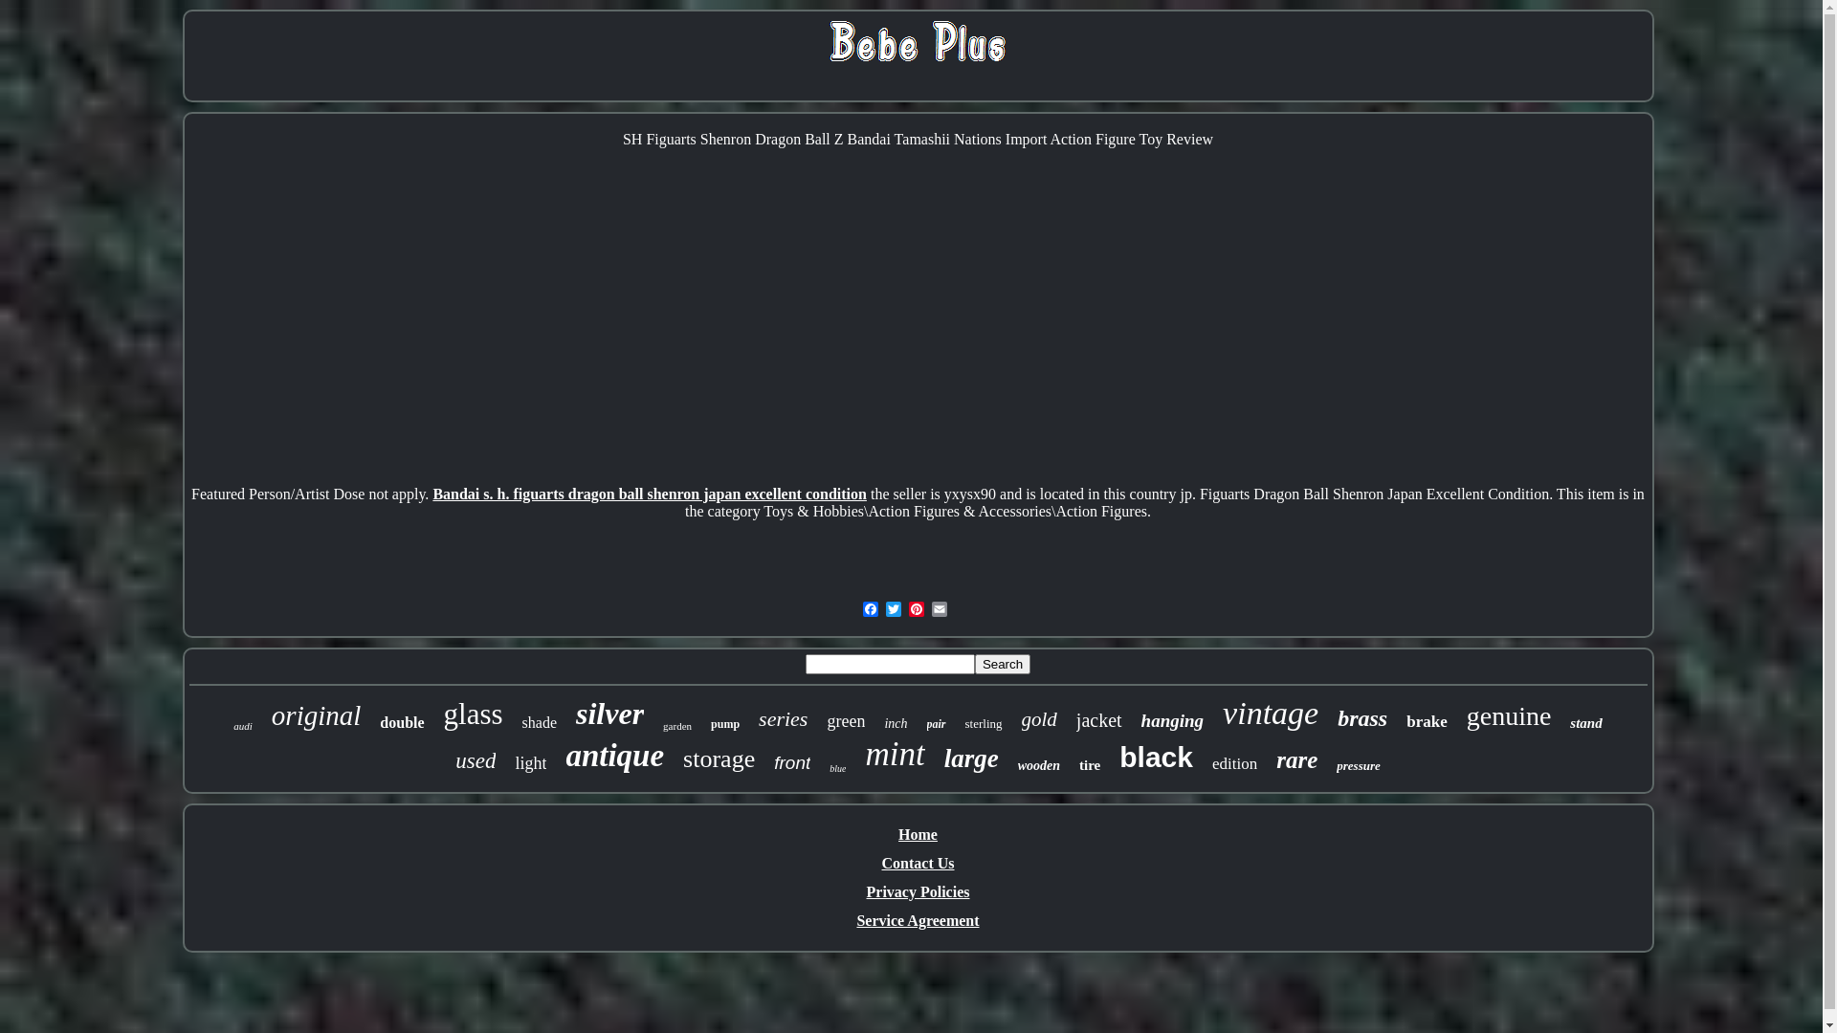 The image size is (1837, 1033). I want to click on 'audi', so click(242, 726).